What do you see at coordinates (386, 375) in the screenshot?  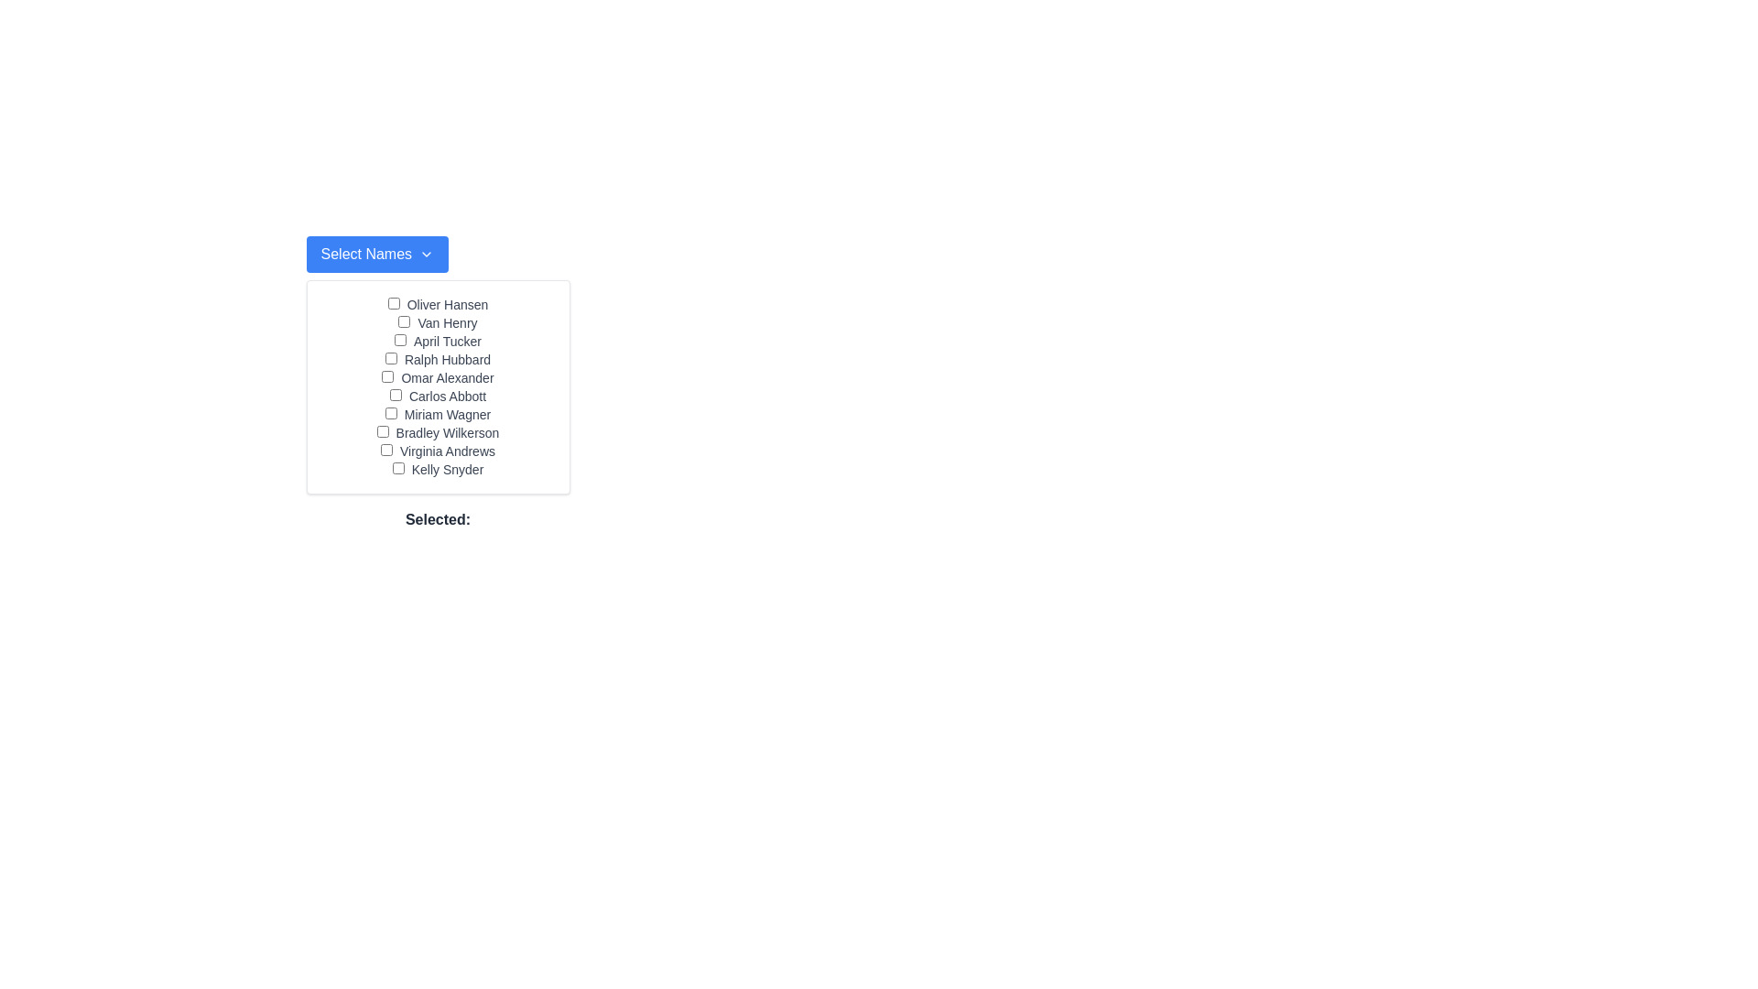 I see `the checkbox located to the left of the label text 'Omar Alexander', which is the fifth item in a vertical list under the 'Select Names' dropdown menu` at bounding box center [386, 375].